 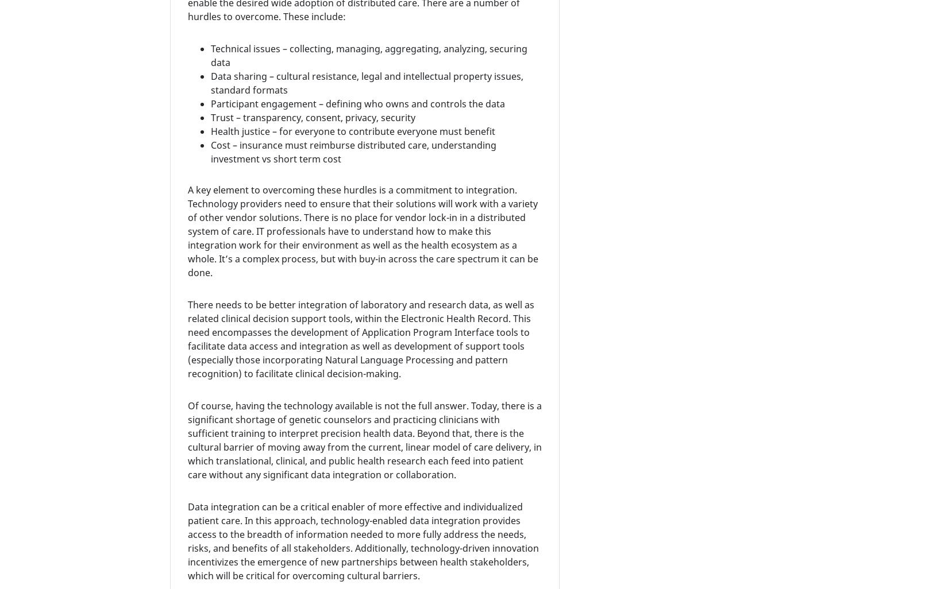 What do you see at coordinates (363, 440) in the screenshot?
I see `'Of course, having the technology available is not the full answer. Today, there is a significant shortage of genetic counselors and practicing clinicians with sufficient training to interpret precision health data. Beyond that, there is the cultural barrier of moving away from the current, linear model of care delivery, in which translational, clinical, and public health research each feed into patient care without any significant data integration or collaboration.'` at bounding box center [363, 440].